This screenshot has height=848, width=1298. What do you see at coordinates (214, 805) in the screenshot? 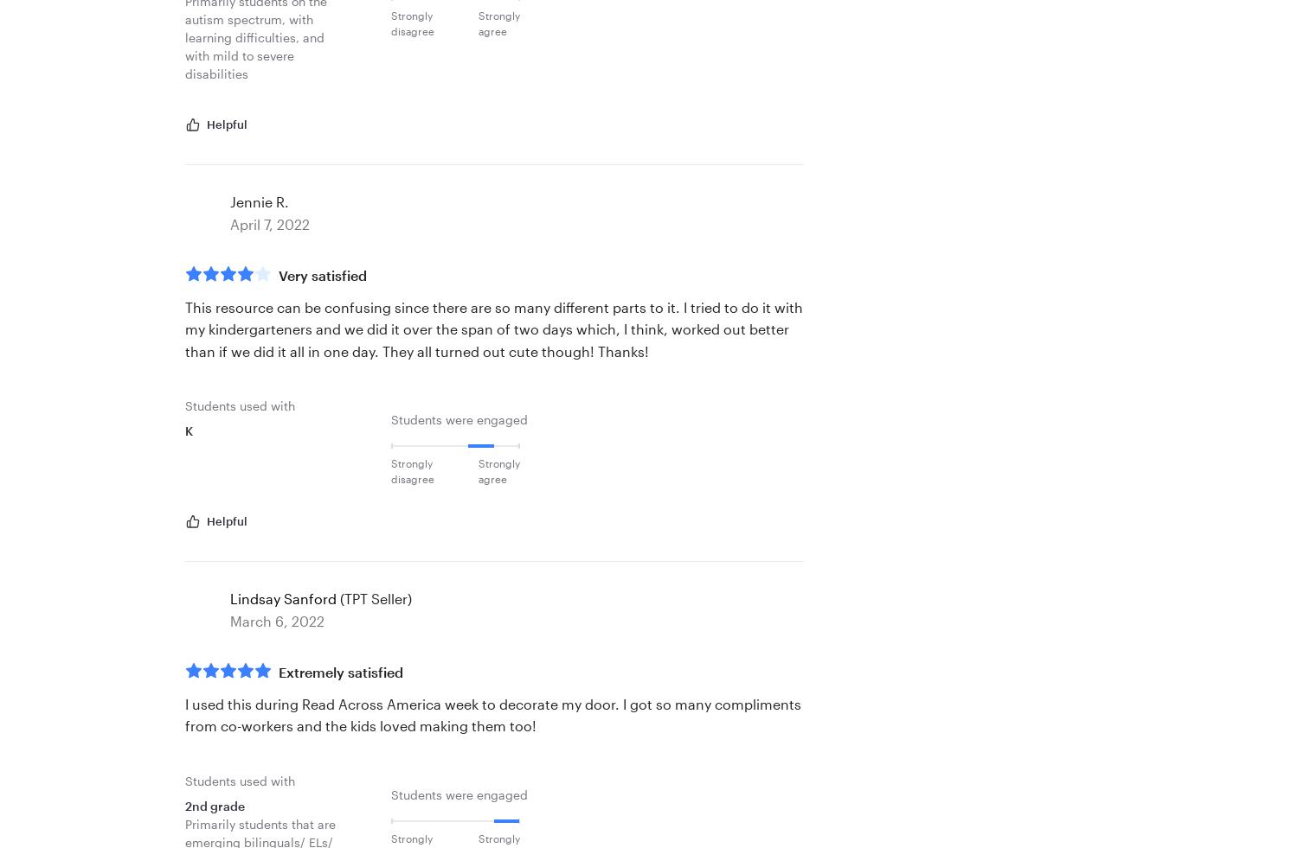
I see `'2nd grade'` at bounding box center [214, 805].